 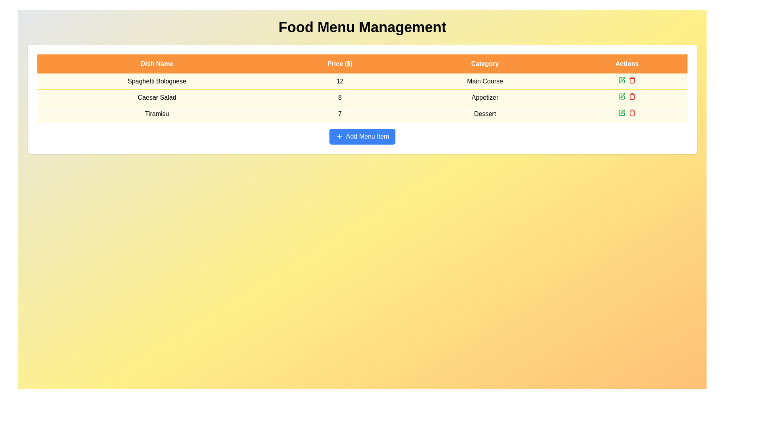 I want to click on the edit icon button in the 'Actions' column for the 'Tiramisu' menu item, so click(x=621, y=113).